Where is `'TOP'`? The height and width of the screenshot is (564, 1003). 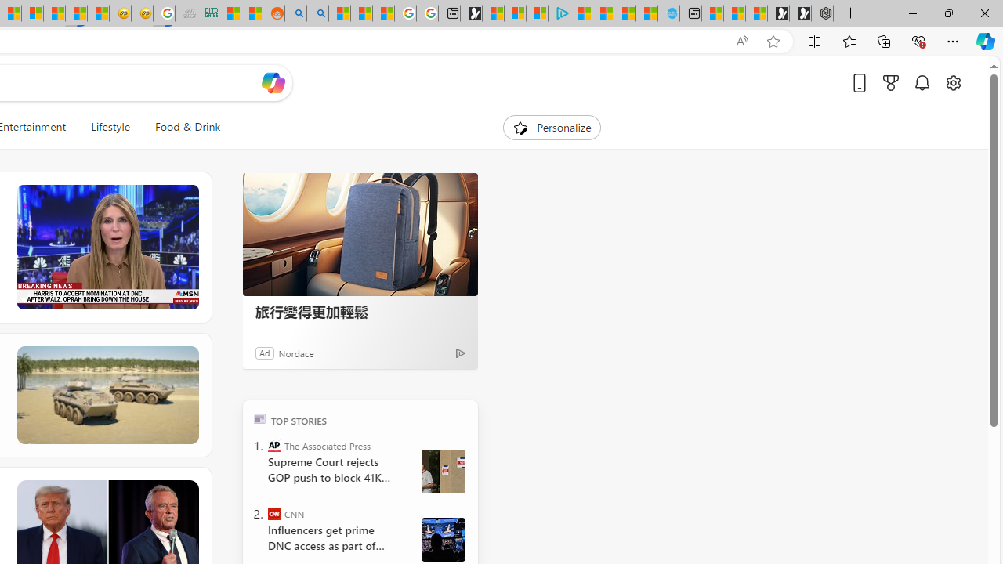
'TOP' is located at coordinates (260, 418).